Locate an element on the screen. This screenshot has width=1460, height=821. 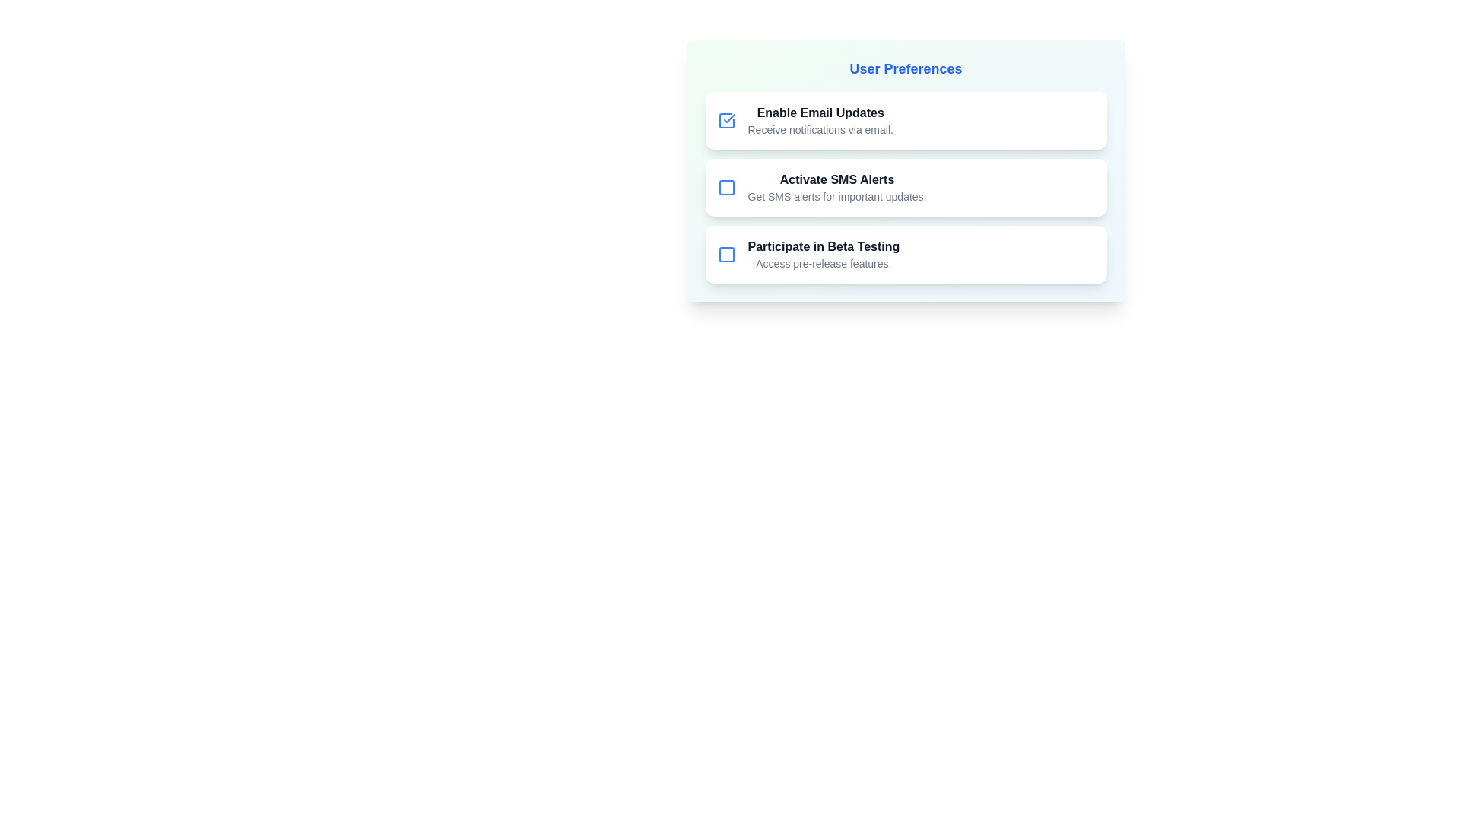
the text description that says 'Get SMS alerts for important updates.', which is located directly below 'Activate SMS Alerts' in the user preferences list is located at coordinates (836, 195).